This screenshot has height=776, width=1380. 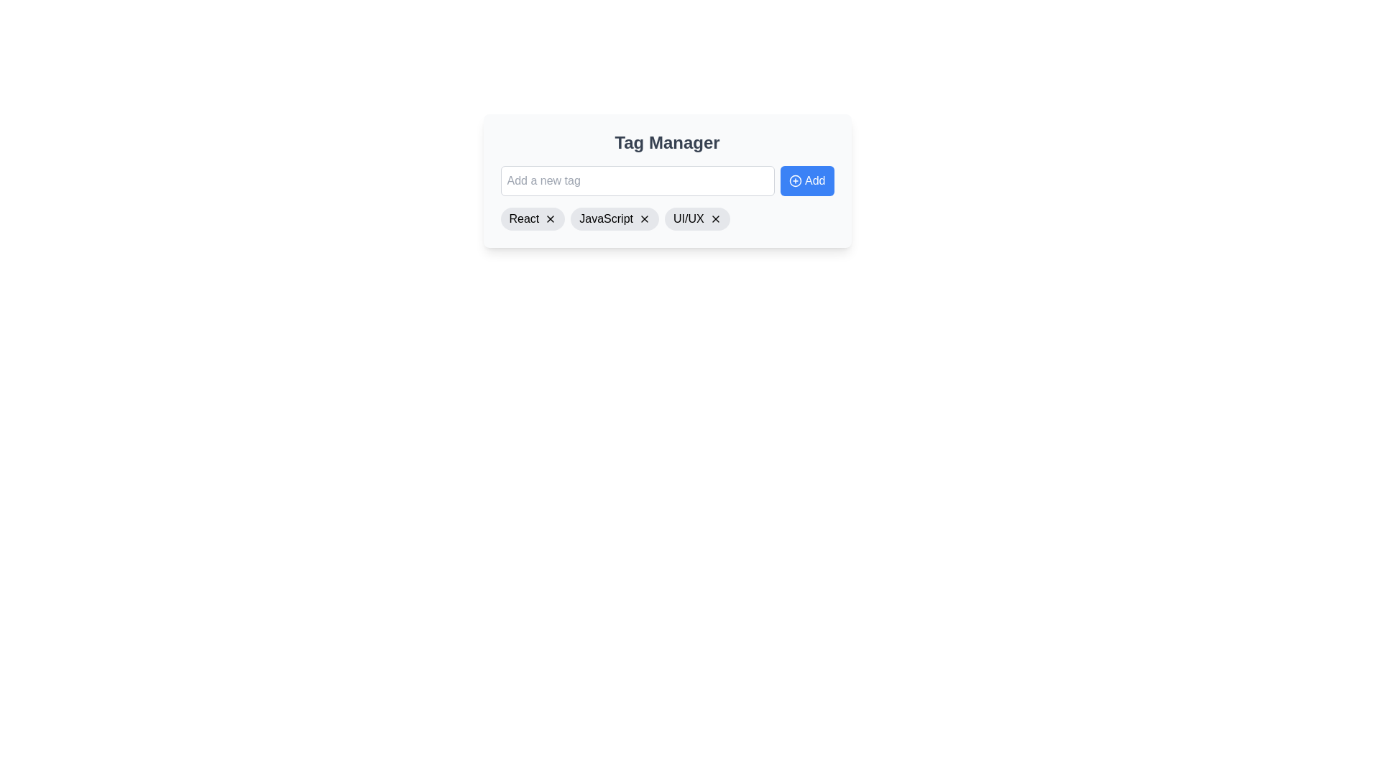 I want to click on the Close Button located to the right of the 'JavaScript' tag, so click(x=644, y=218).